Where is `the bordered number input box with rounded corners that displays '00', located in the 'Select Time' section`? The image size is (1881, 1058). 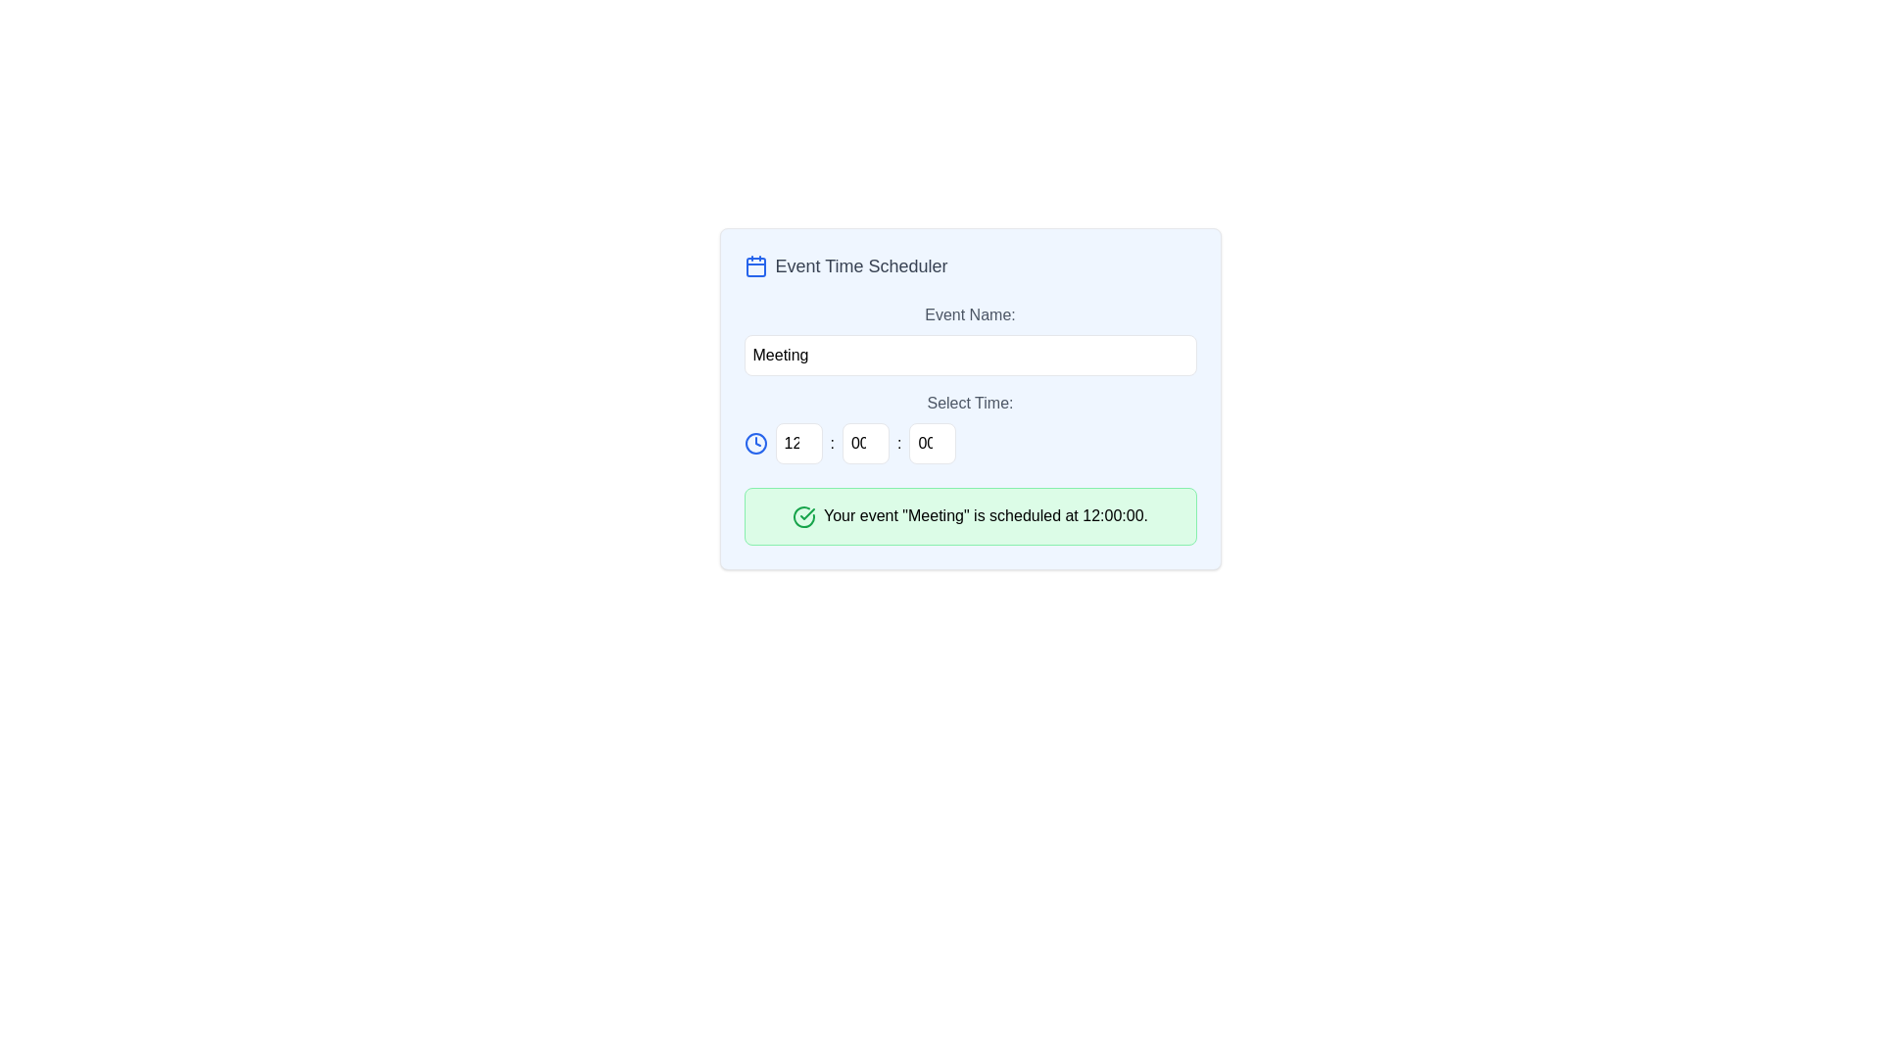 the bordered number input box with rounded corners that displays '00', located in the 'Select Time' section is located at coordinates (932, 443).